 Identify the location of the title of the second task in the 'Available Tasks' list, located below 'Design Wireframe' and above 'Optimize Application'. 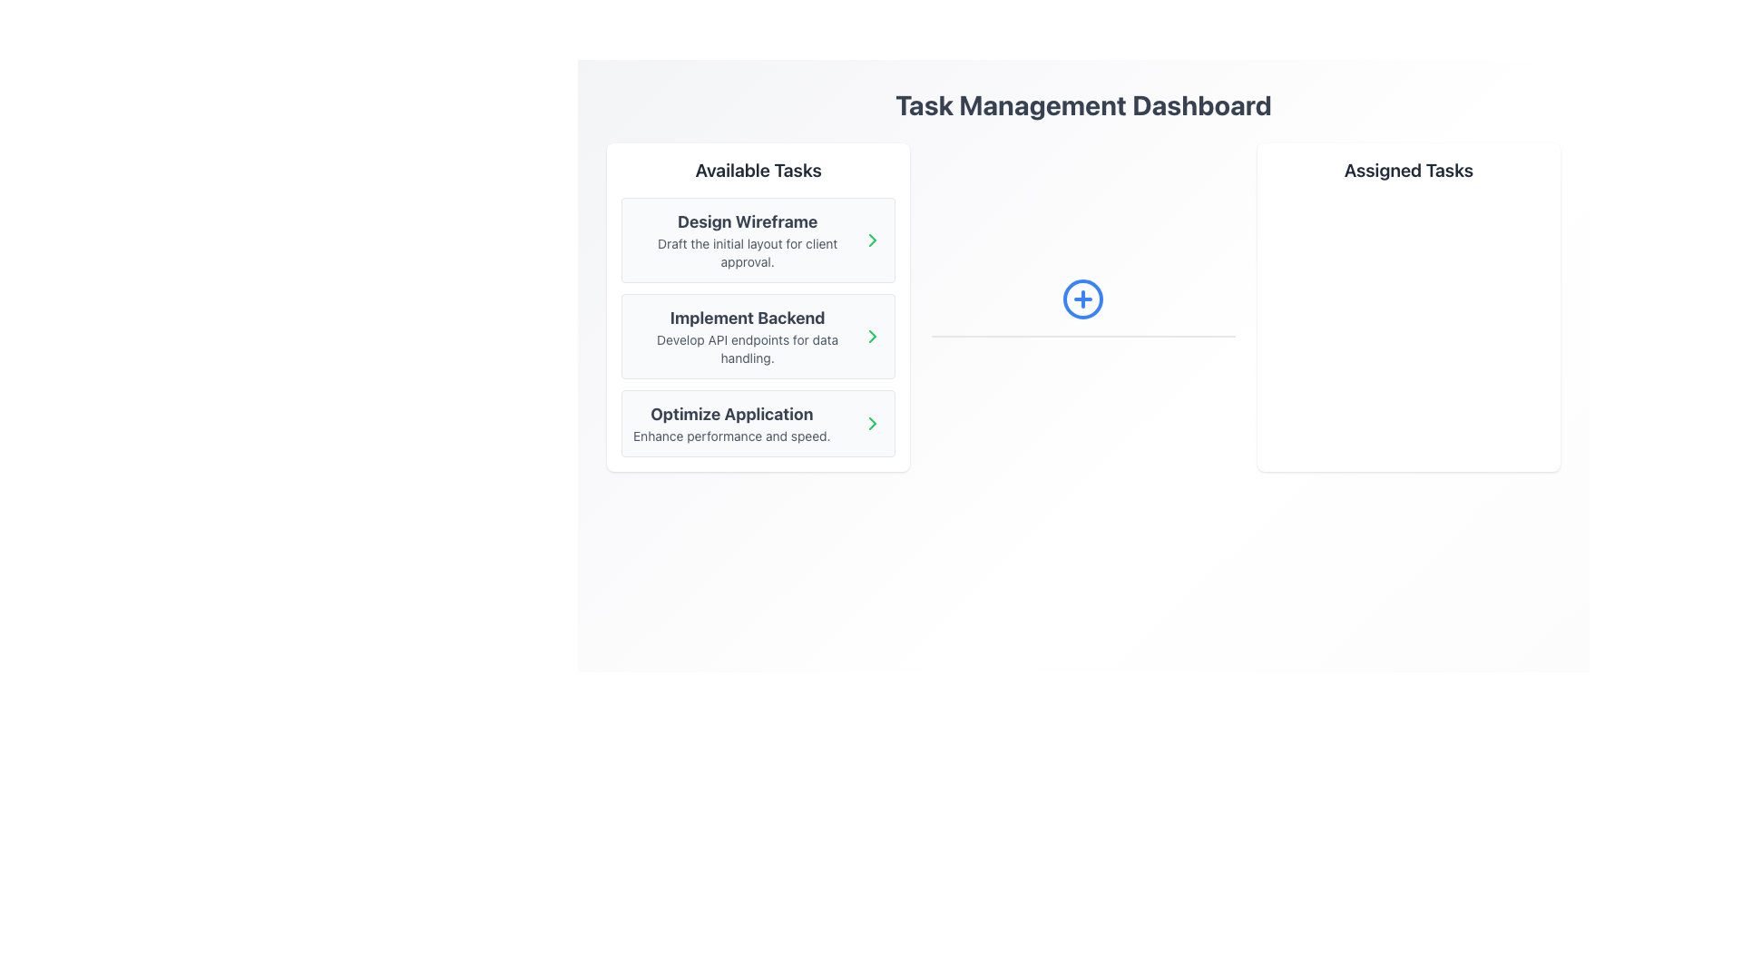
(748, 318).